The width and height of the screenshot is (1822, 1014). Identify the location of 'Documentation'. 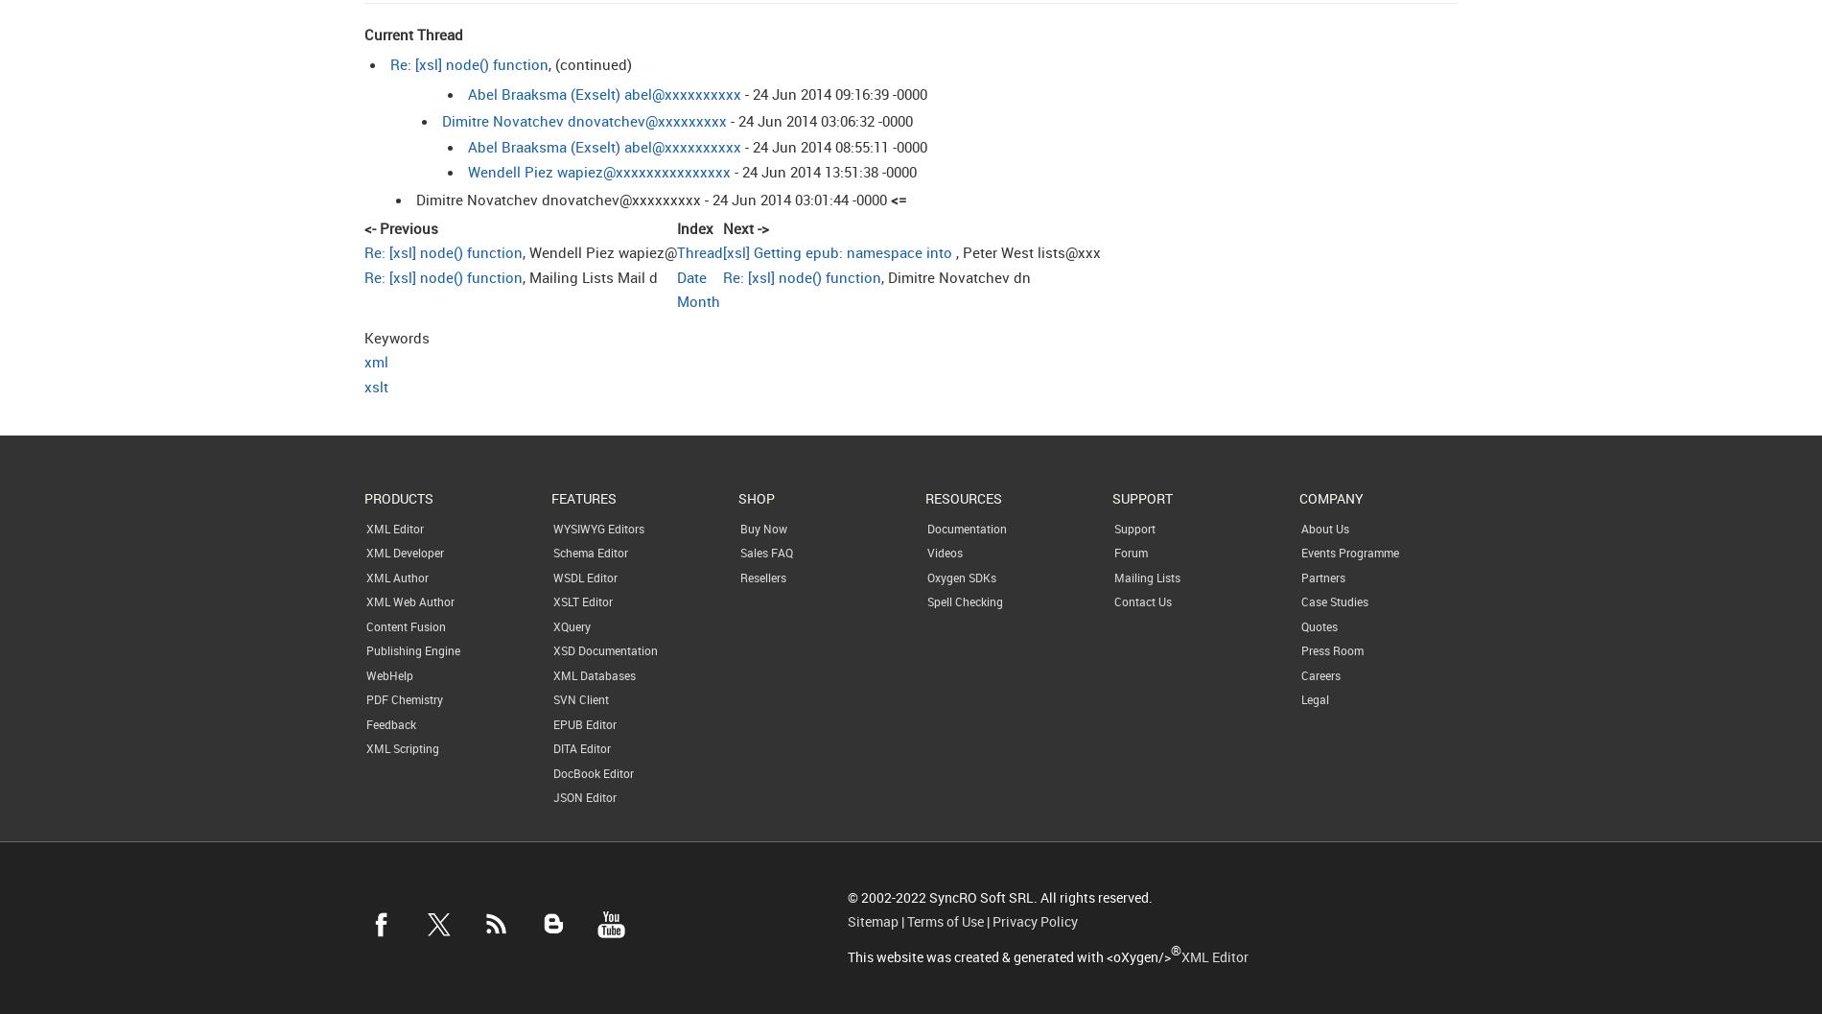
(967, 526).